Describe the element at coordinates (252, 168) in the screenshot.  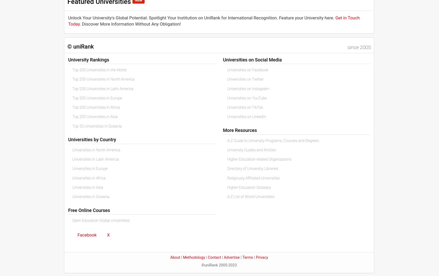
I see `'Directory of University Libraries'` at that location.